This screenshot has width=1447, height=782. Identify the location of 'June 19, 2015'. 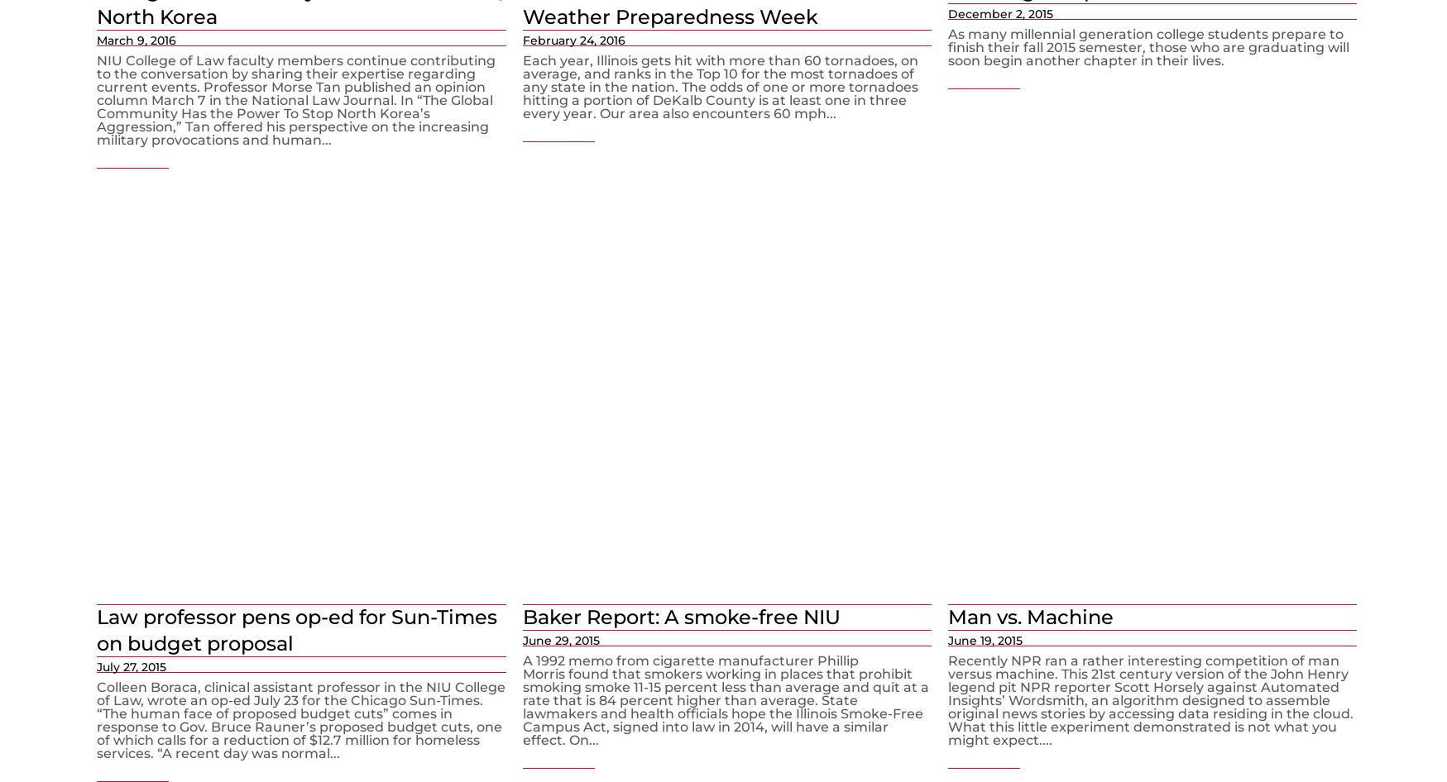
(985, 639).